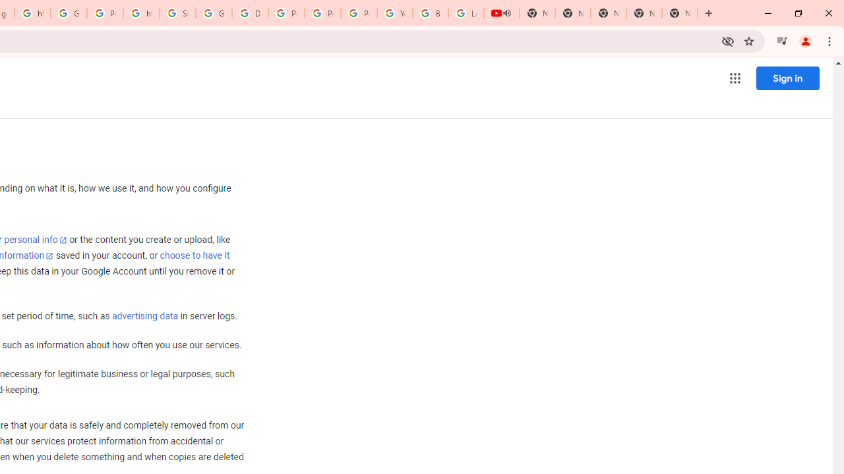 The height and width of the screenshot is (474, 844). Describe the element at coordinates (36, 240) in the screenshot. I see `'personal info'` at that location.